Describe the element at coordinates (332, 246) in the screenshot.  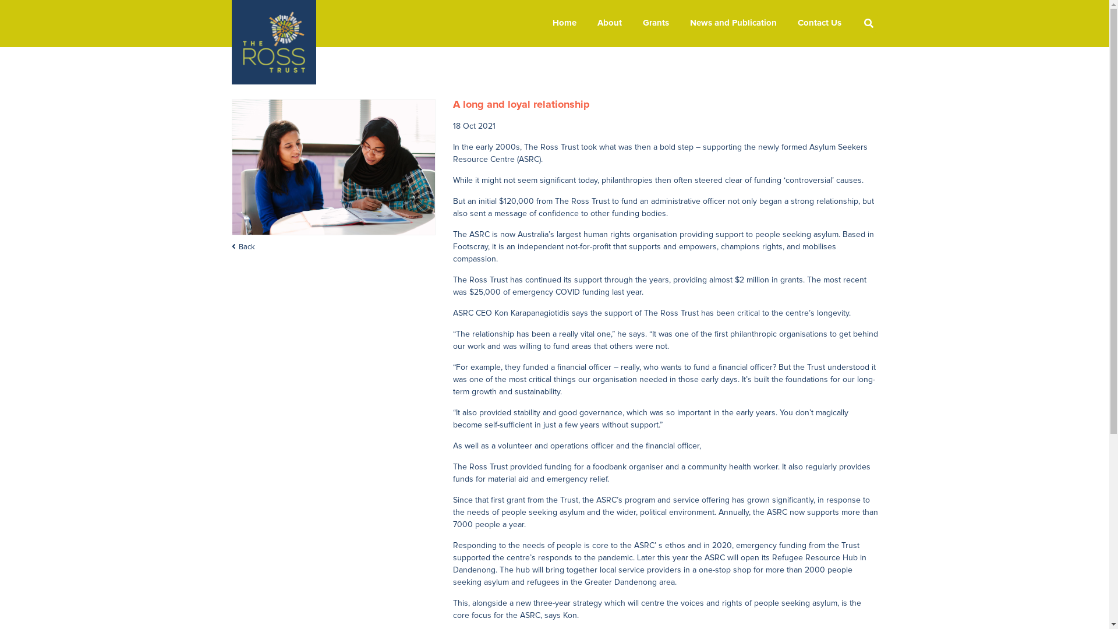
I see `'Back'` at that location.